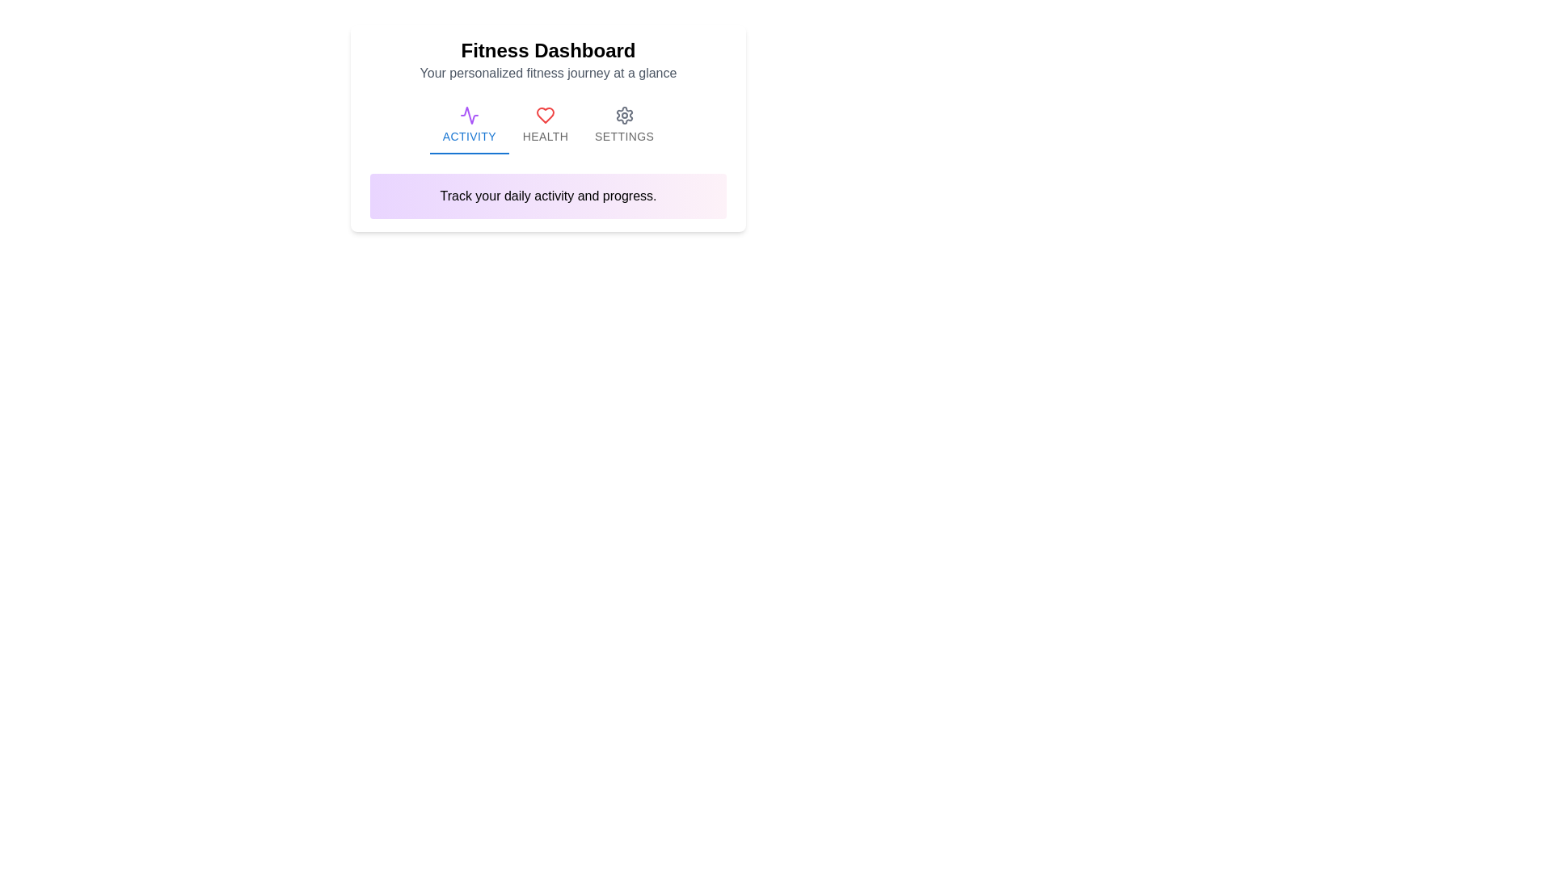 The width and height of the screenshot is (1552, 873). I want to click on the 'Fitness Dashboard' text block, which features bold, large black font and is centrally aligned above tabs labeled 'Activity', 'Health', and 'Settings', so click(548, 59).